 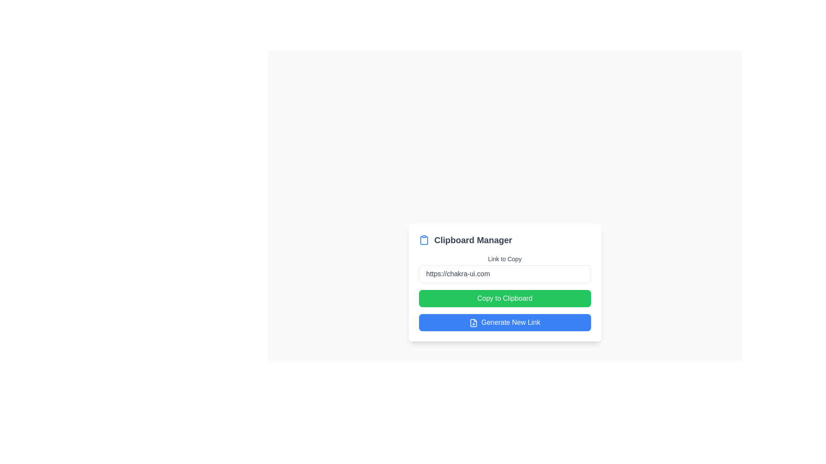 I want to click on clipboard icon located to the left of the 'Clipboard Manager' title, which represents clipboard functionalities, so click(x=424, y=240).